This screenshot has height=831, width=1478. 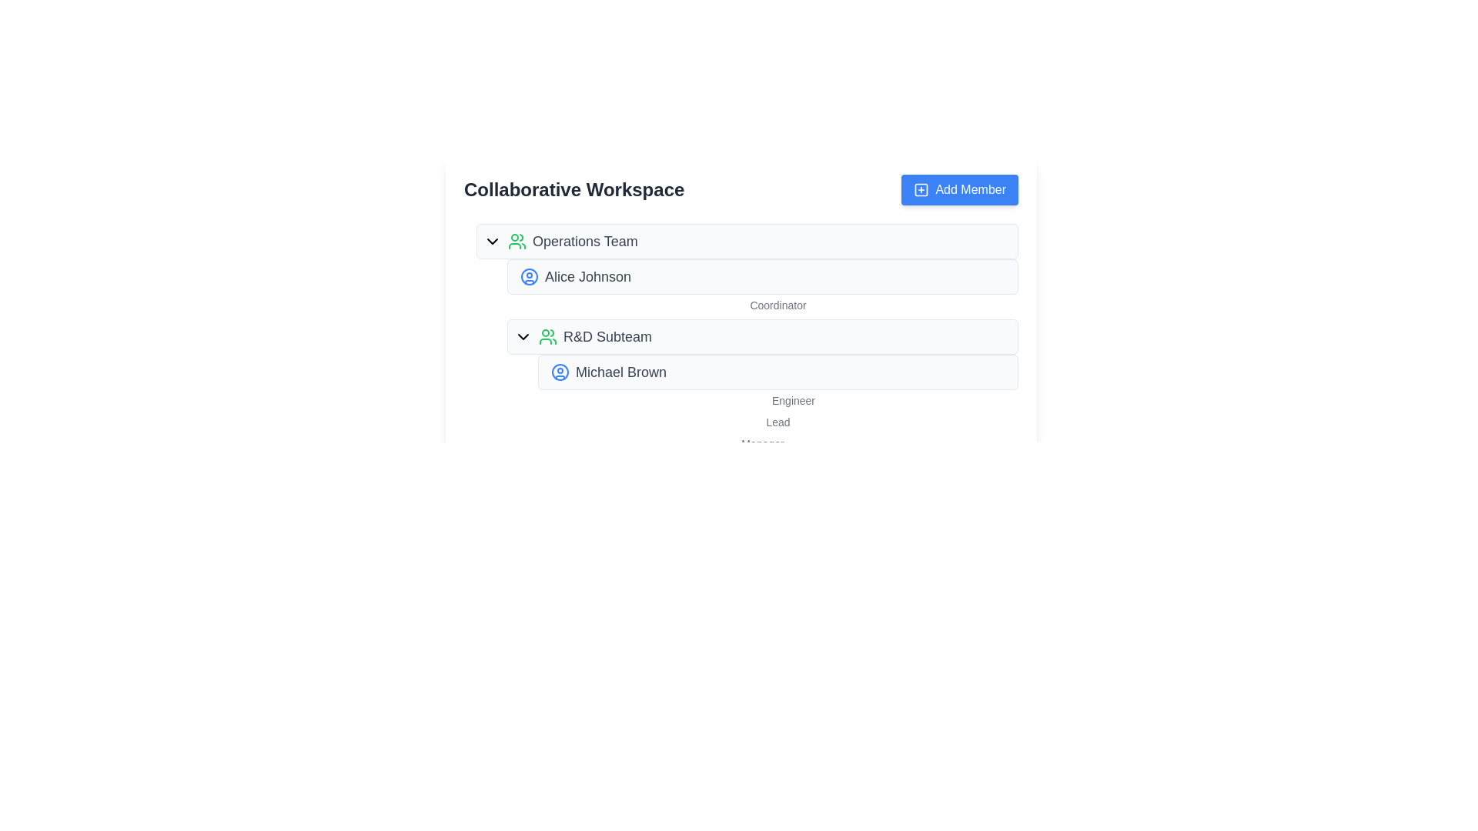 What do you see at coordinates (762, 336) in the screenshot?
I see `the Collapsible List Item labeled 'R&D Subteam'` at bounding box center [762, 336].